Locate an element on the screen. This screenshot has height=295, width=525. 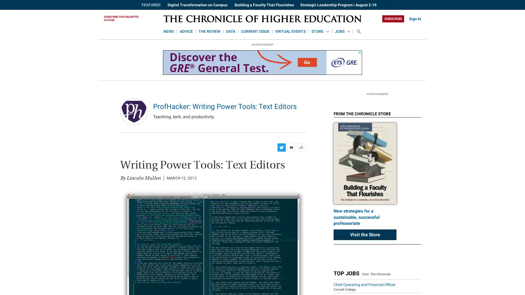
Show Search is located at coordinates (358, 31).